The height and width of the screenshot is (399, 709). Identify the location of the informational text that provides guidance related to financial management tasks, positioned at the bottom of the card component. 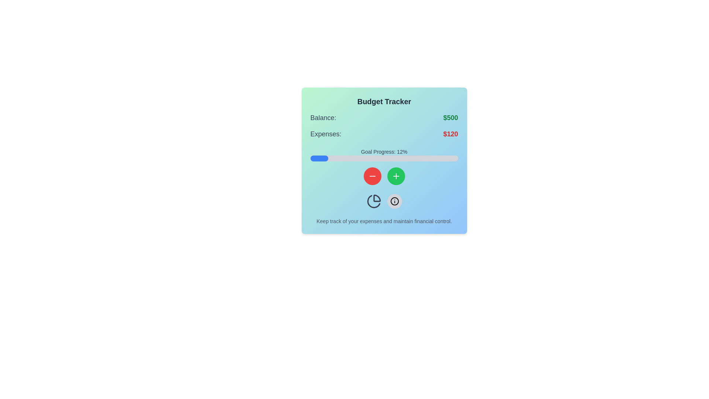
(384, 221).